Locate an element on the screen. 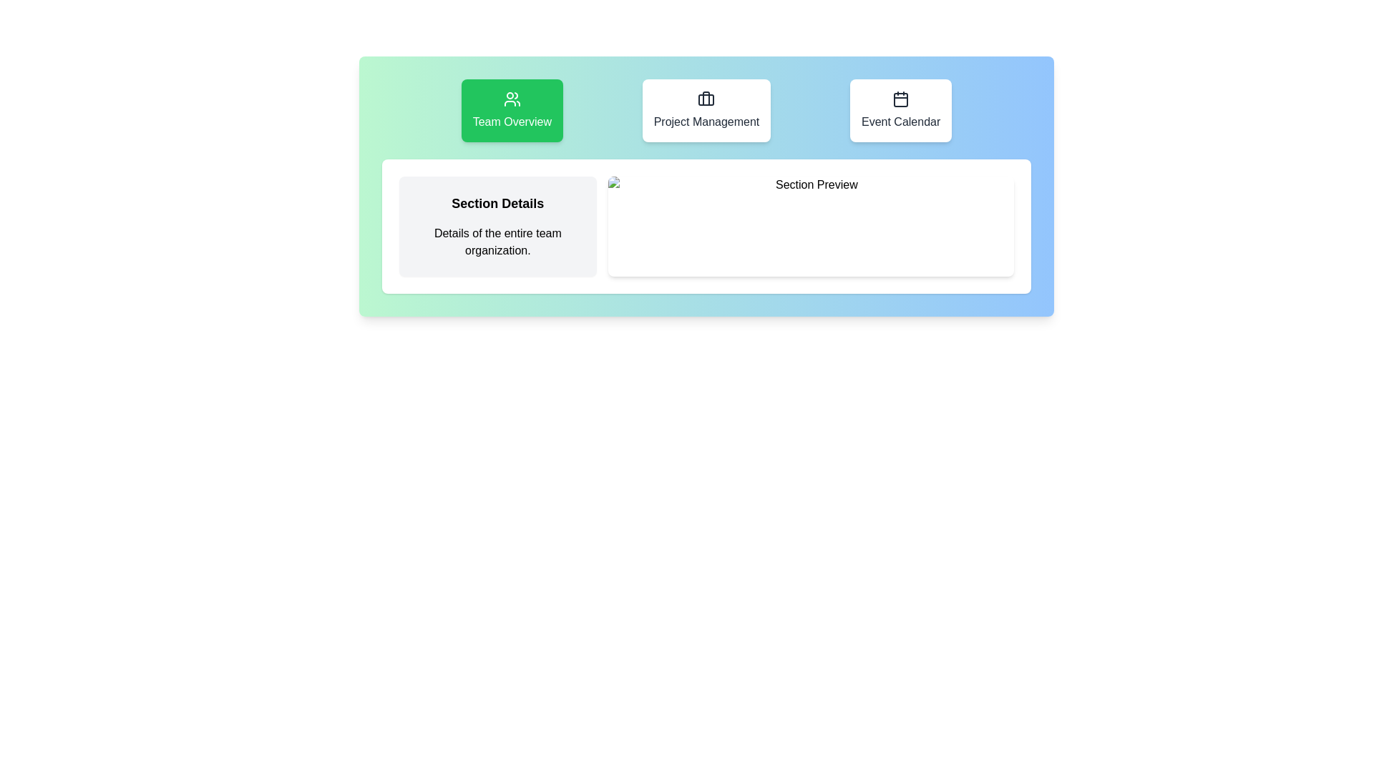 The width and height of the screenshot is (1374, 772). the project management icon located at the top-center of the 'Project Management' card, above the text 'Project Management' is located at coordinates (706, 98).